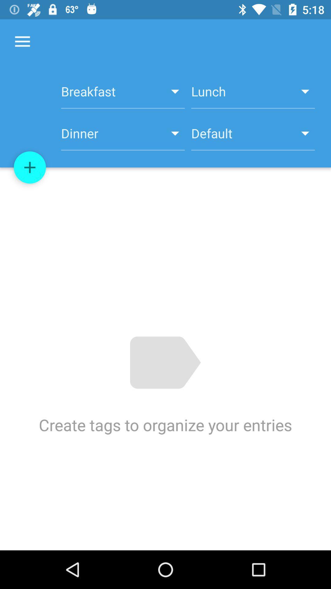 This screenshot has width=331, height=589. Describe the element at coordinates (30, 167) in the screenshot. I see `a new blood sugar` at that location.